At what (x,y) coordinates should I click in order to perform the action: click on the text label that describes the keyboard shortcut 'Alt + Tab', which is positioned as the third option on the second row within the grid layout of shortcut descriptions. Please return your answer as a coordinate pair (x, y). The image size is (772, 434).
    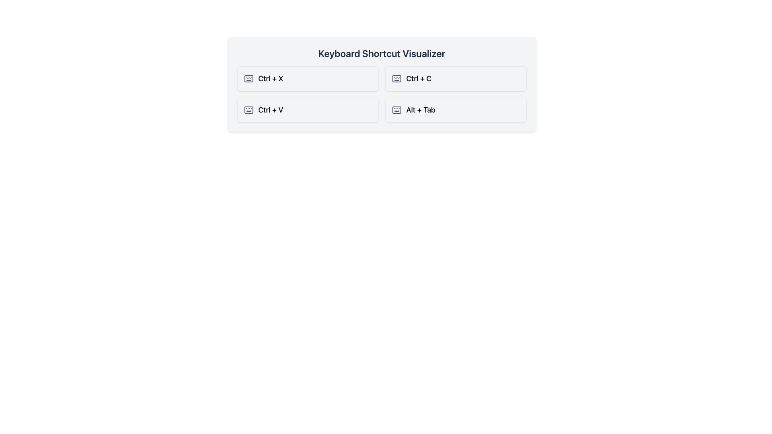
    Looking at the image, I should click on (420, 110).